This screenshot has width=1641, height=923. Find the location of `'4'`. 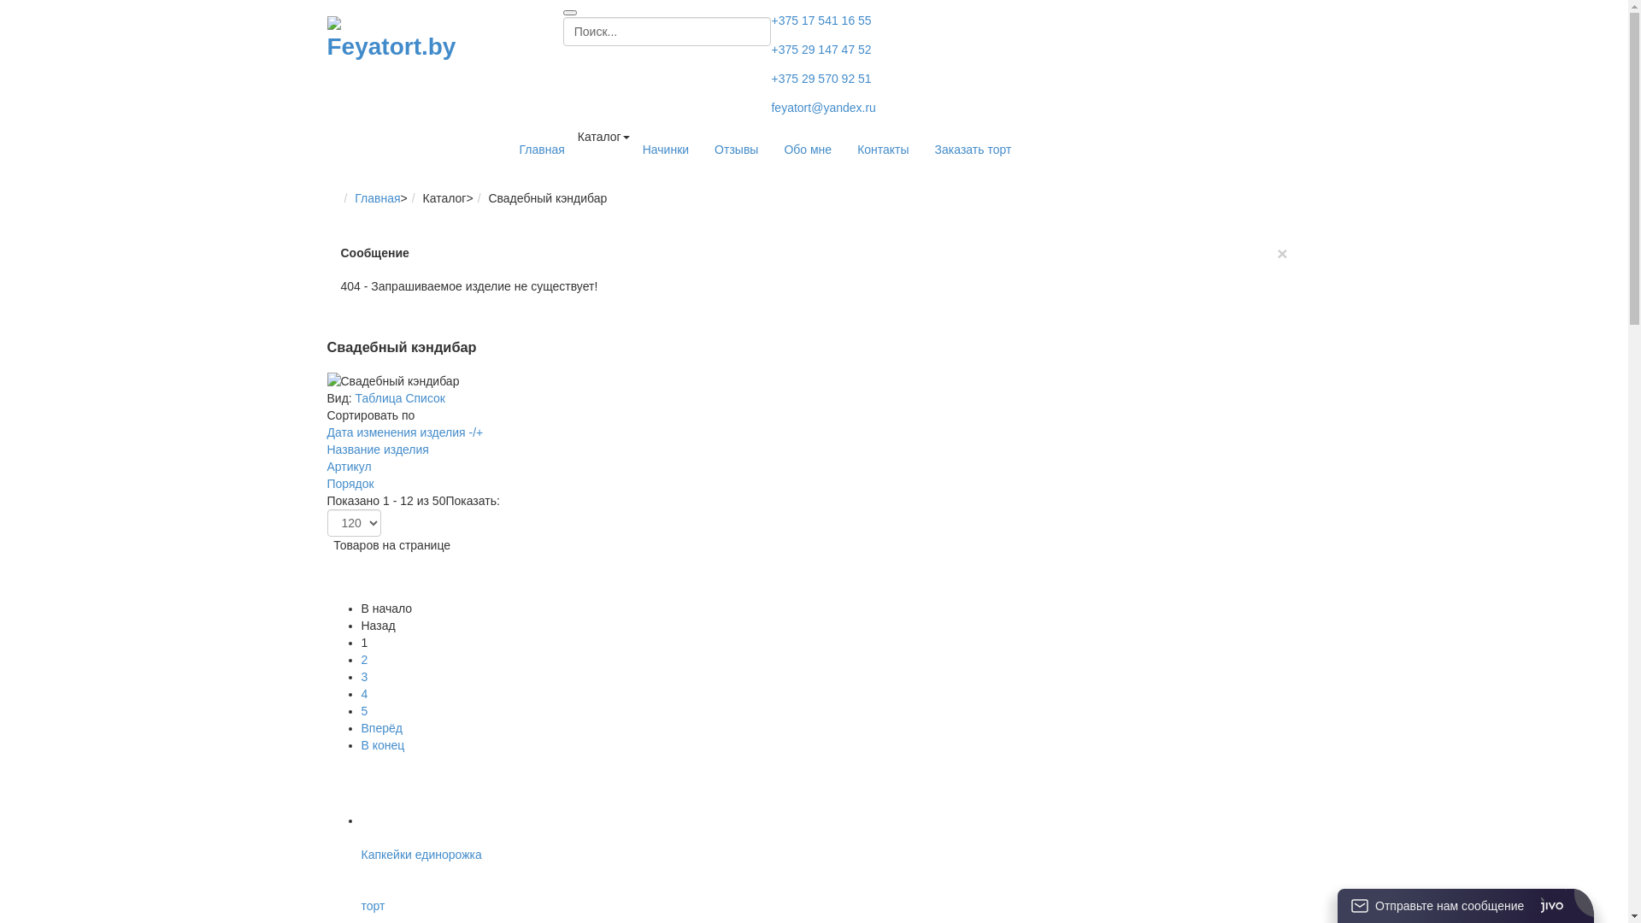

'4' is located at coordinates (363, 694).